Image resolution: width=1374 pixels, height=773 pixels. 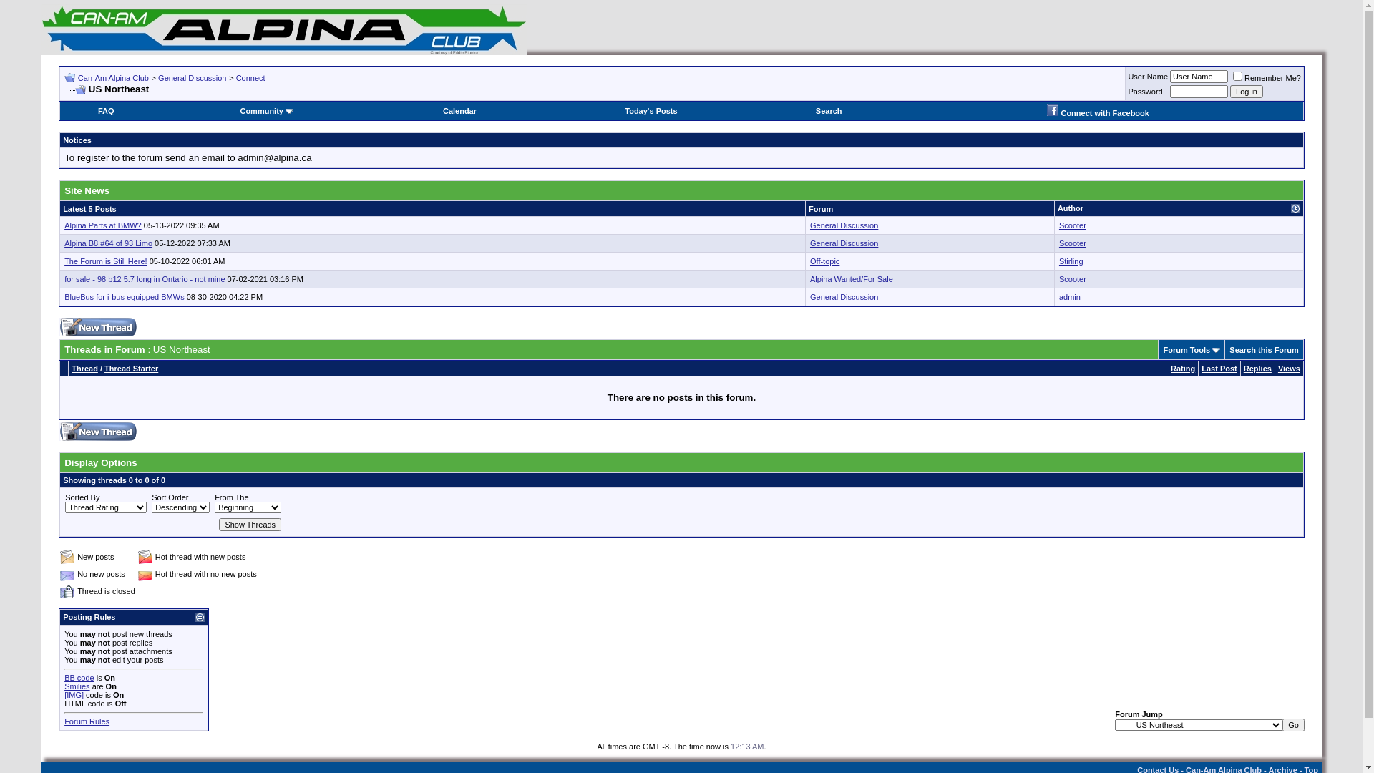 I want to click on 'Today's Posts', so click(x=650, y=110).